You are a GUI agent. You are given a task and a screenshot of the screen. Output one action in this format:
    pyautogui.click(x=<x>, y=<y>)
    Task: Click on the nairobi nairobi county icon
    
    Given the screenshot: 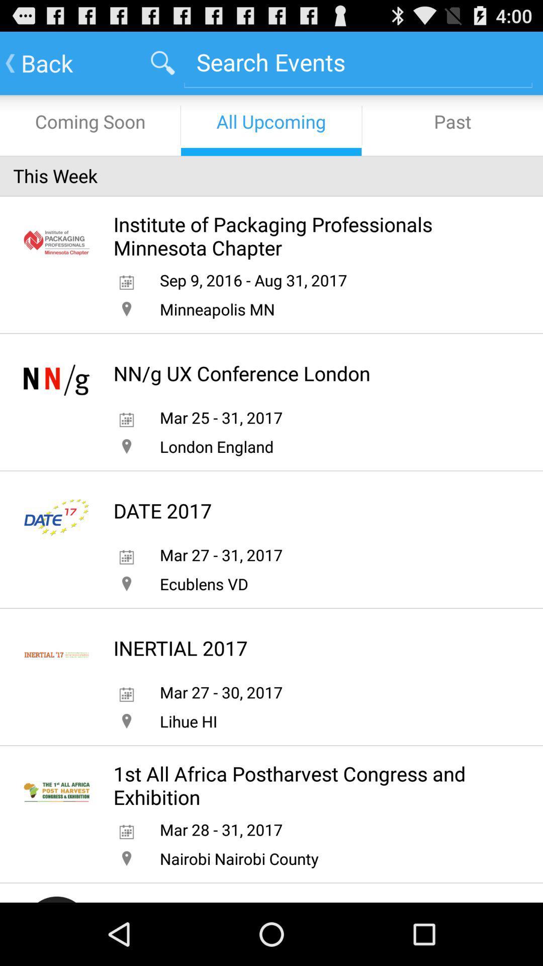 What is the action you would take?
    pyautogui.click(x=239, y=858)
    